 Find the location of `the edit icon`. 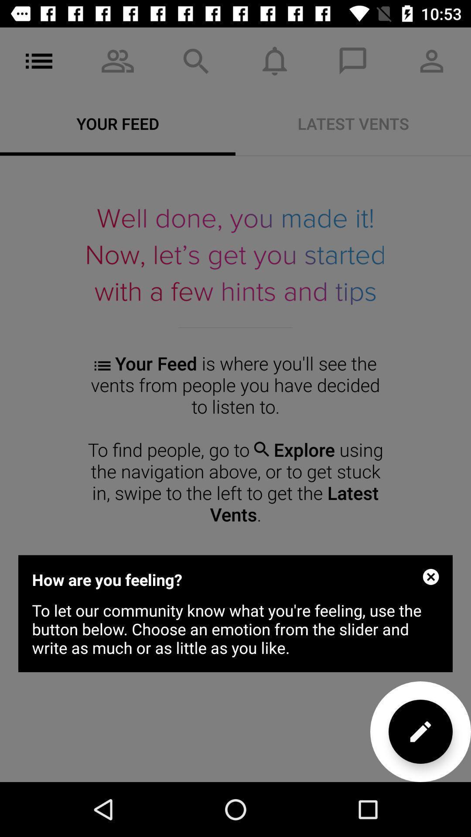

the edit icon is located at coordinates (420, 732).